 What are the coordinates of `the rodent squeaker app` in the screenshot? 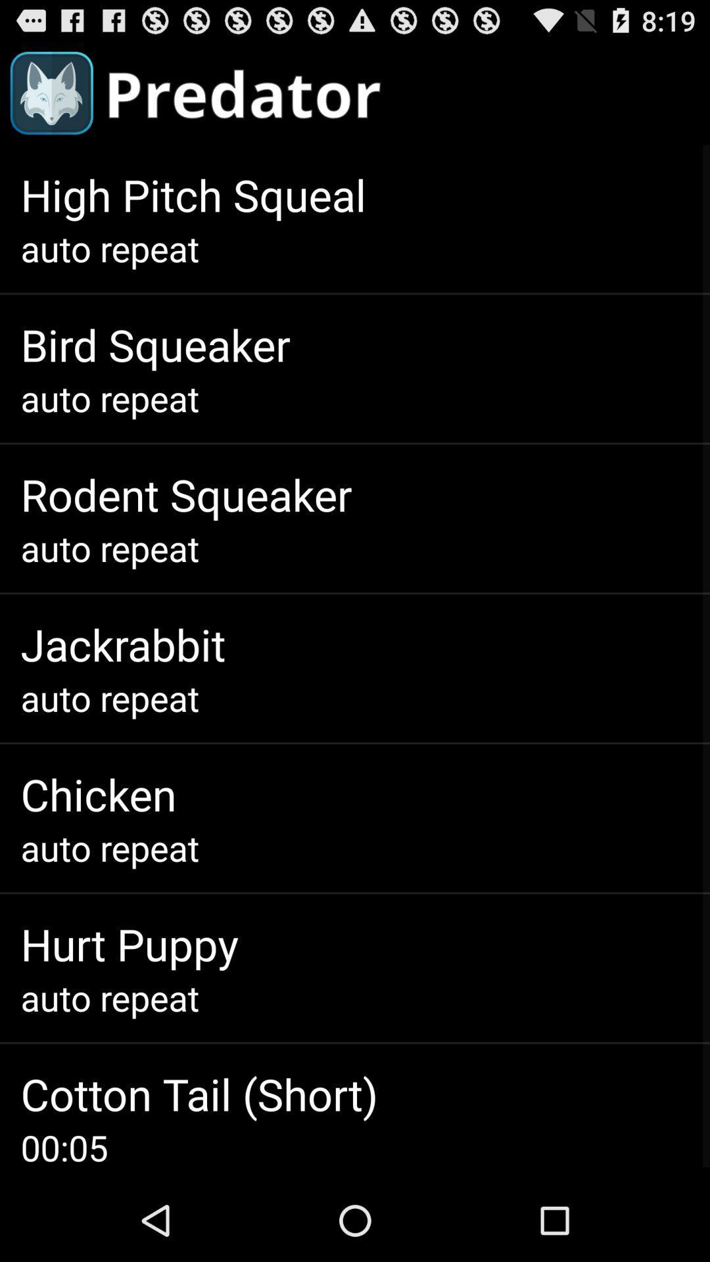 It's located at (186, 494).